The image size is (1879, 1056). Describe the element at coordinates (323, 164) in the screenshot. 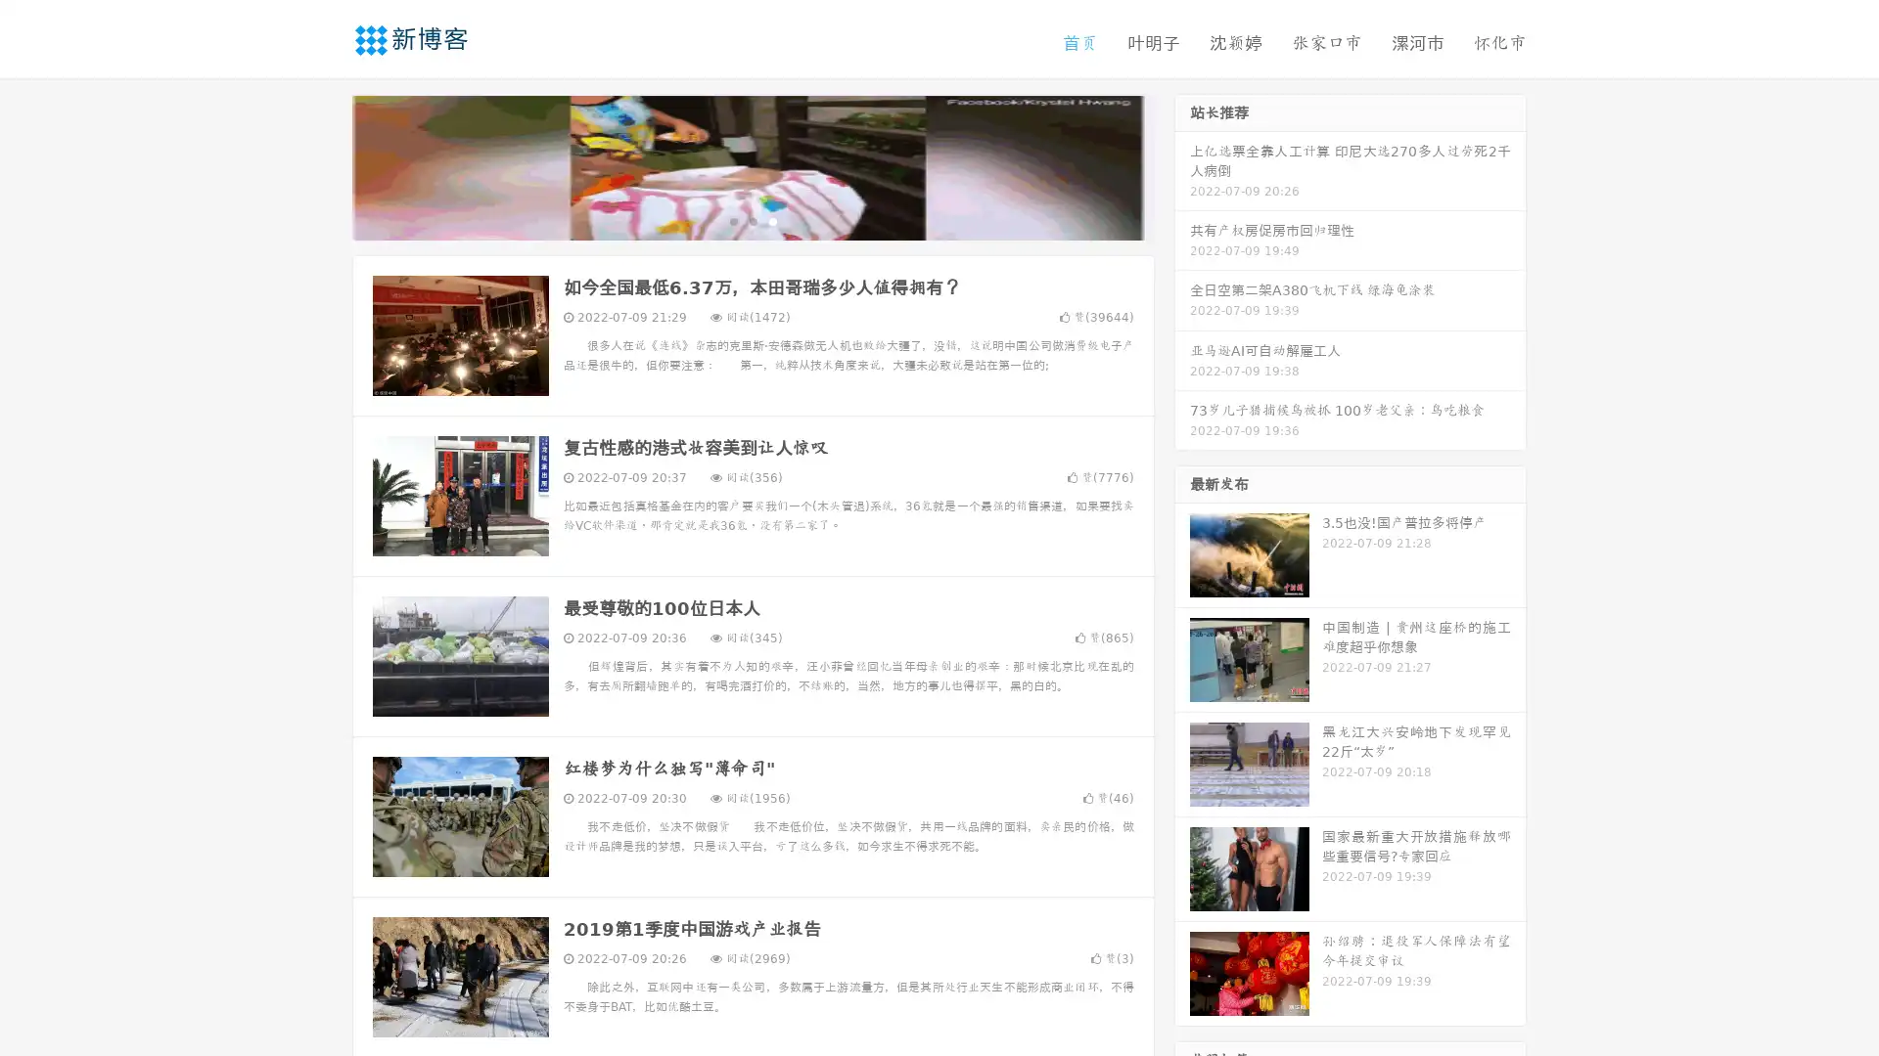

I see `Previous slide` at that location.